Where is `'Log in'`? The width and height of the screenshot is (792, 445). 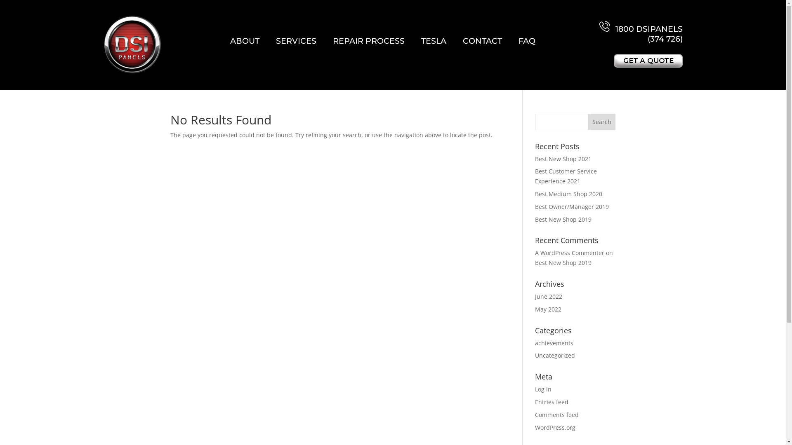
'Log in' is located at coordinates (543, 389).